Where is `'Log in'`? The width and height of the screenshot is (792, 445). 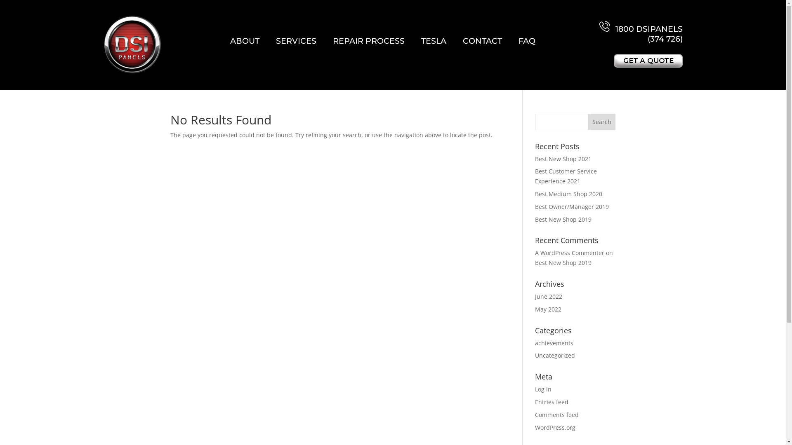
'Log in' is located at coordinates (543, 389).